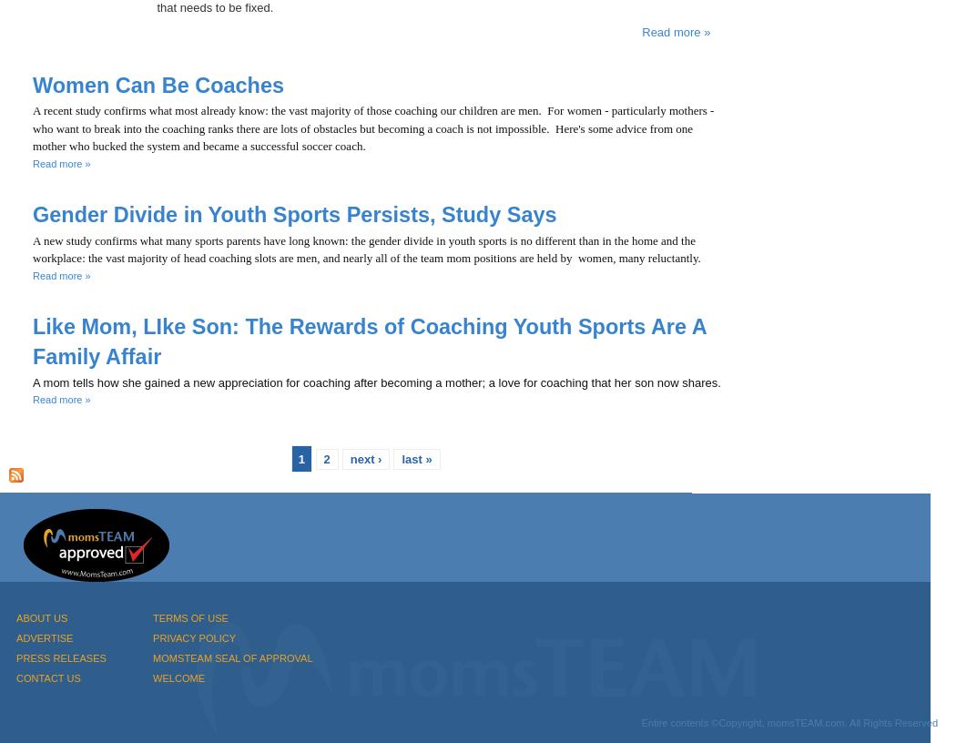  Describe the element at coordinates (371, 128) in the screenshot. I see `'A recent study confirms what most already know: the vast majority of those coaching our children are men.  For women - particularly mothers - who want to break into the coaching ranks there are lots of obstacles but becoming a coach is not impossible.  Here's some advice from one mother who bucked the system and became a successful soccer coach.'` at that location.